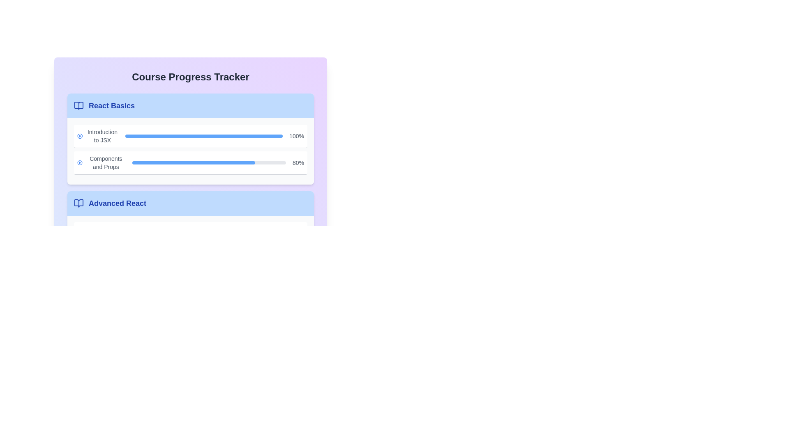 This screenshot has height=443, width=789. Describe the element at coordinates (79, 105) in the screenshot. I see `the book icon representing the 'React Basics' course, which is positioned to the left of the text 'React Basics'` at that location.